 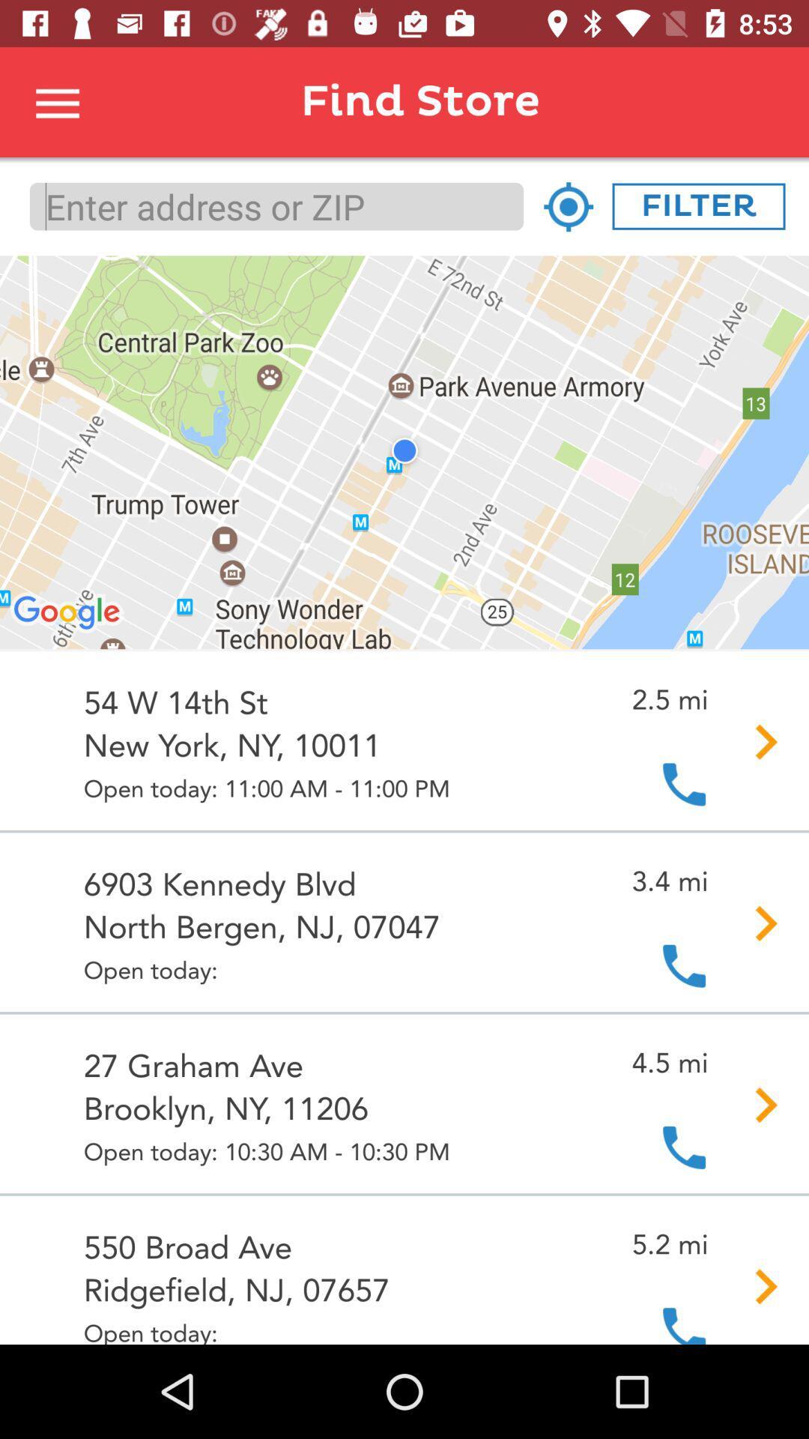 What do you see at coordinates (699, 206) in the screenshot?
I see `filter on the top right corner` at bounding box center [699, 206].